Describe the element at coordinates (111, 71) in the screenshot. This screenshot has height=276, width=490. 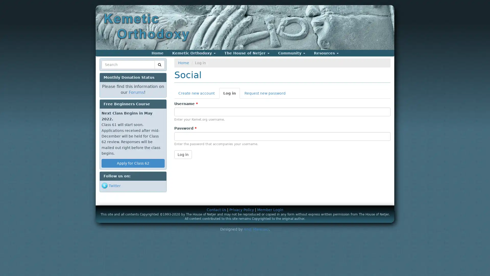
I see `Search` at that location.